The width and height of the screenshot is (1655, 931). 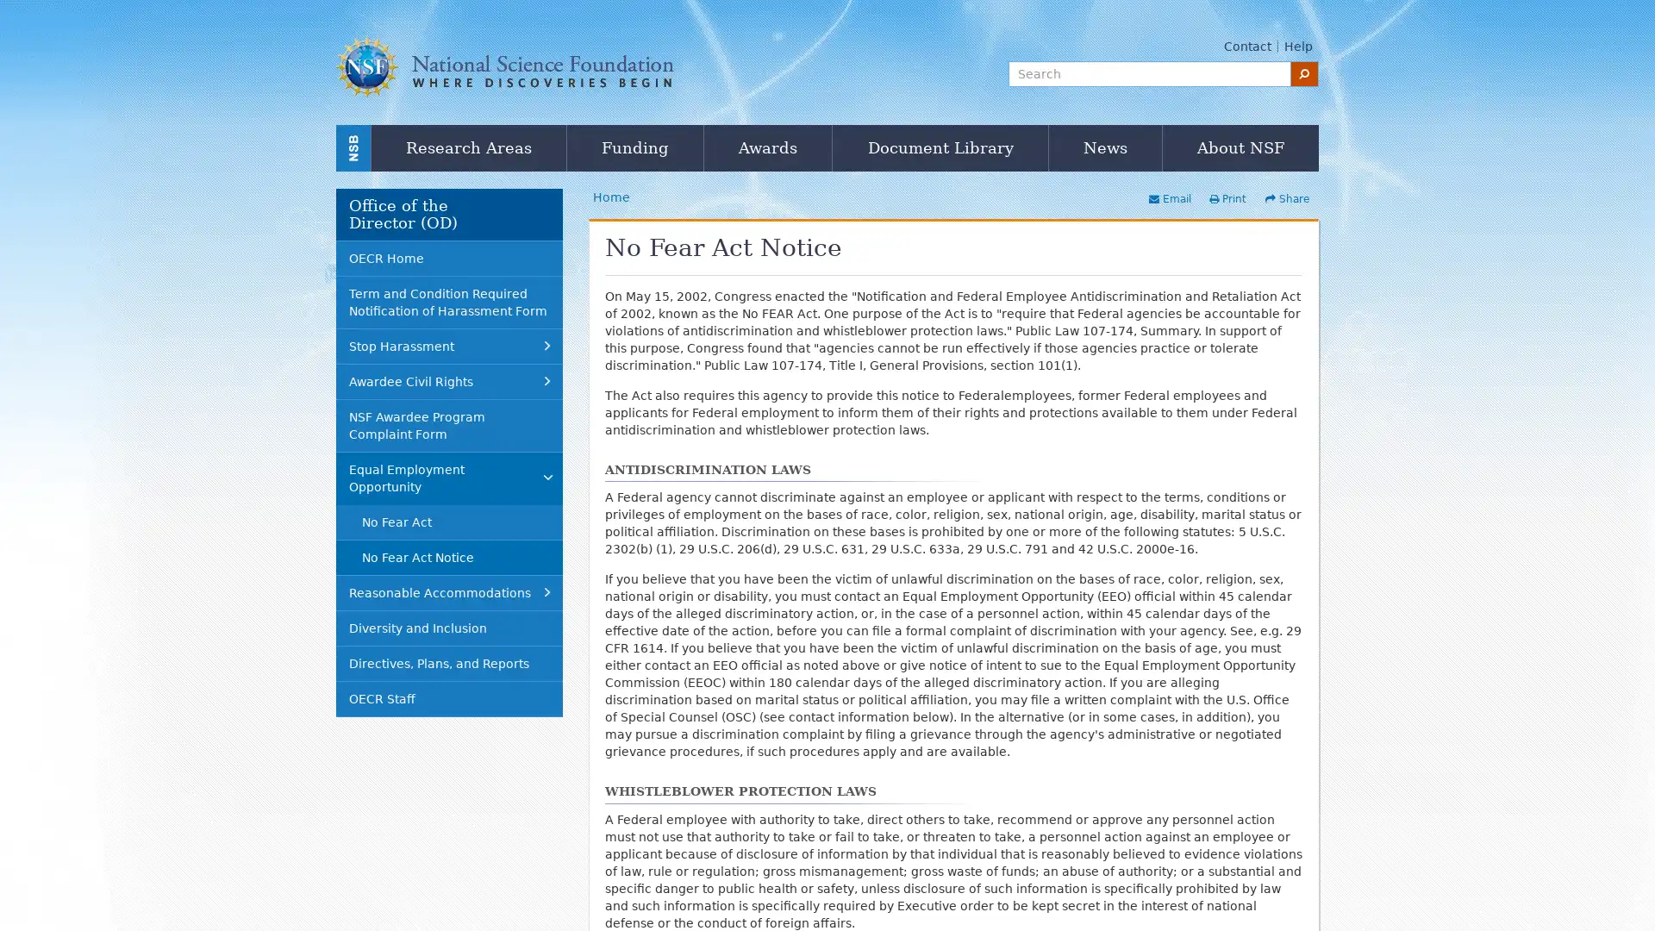 What do you see at coordinates (449, 591) in the screenshot?
I see `Reasonable Accommodations` at bounding box center [449, 591].